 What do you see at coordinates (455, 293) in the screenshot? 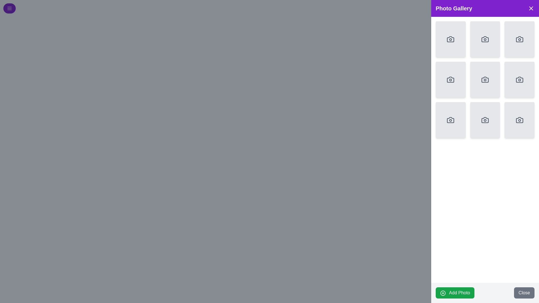
I see `the green 'Add Photo' button with rounded corners located at the bottom left of the Photo Gallery panel to change its color` at bounding box center [455, 293].